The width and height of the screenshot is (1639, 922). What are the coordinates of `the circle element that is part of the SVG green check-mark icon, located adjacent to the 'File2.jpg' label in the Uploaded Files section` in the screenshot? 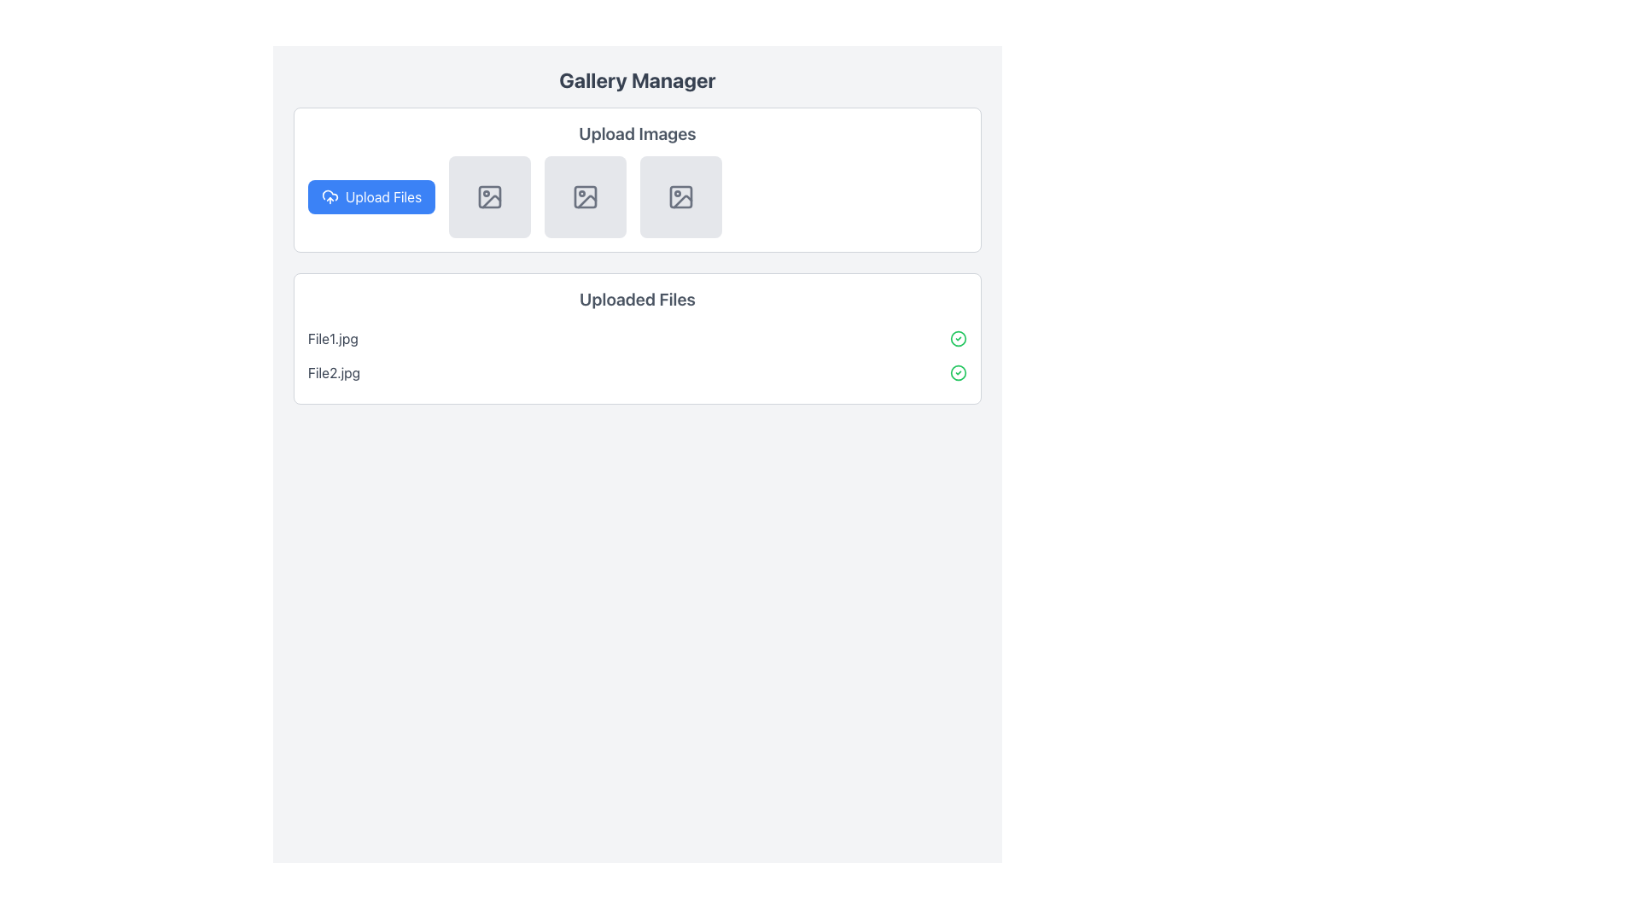 It's located at (959, 339).